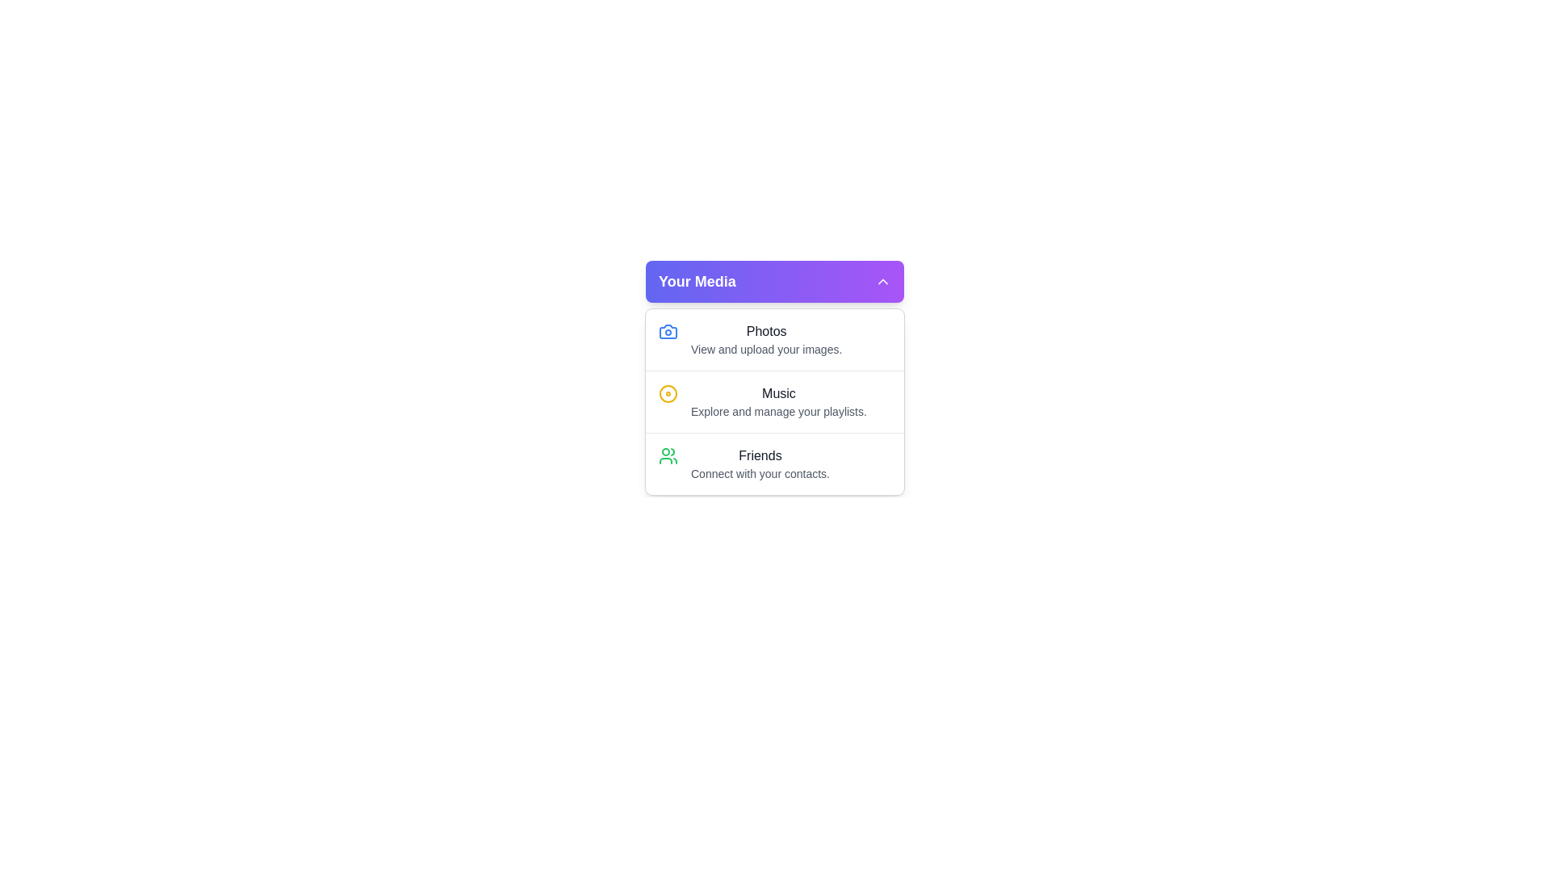 The height and width of the screenshot is (872, 1550). Describe the element at coordinates (775, 400) in the screenshot. I see `the second menu item` at that location.